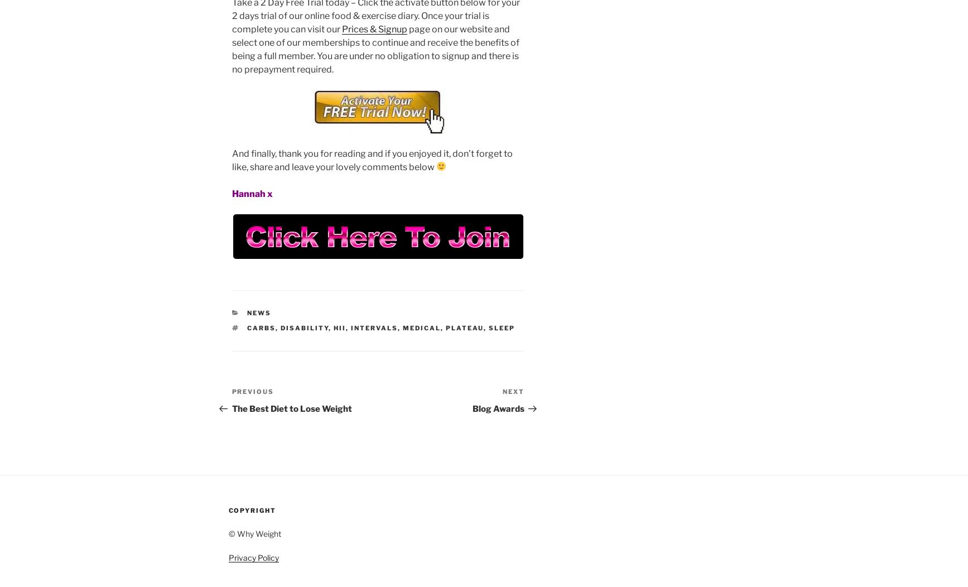 This screenshot has width=968, height=587. I want to click on 'medical', so click(421, 327).